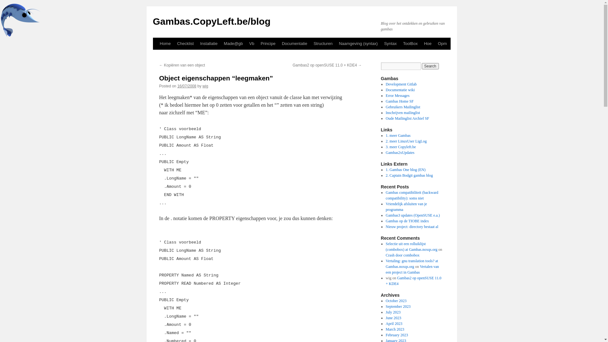 The image size is (608, 342). Describe the element at coordinates (407, 118) in the screenshot. I see `'Oude Mailinglist Archief SF'` at that location.